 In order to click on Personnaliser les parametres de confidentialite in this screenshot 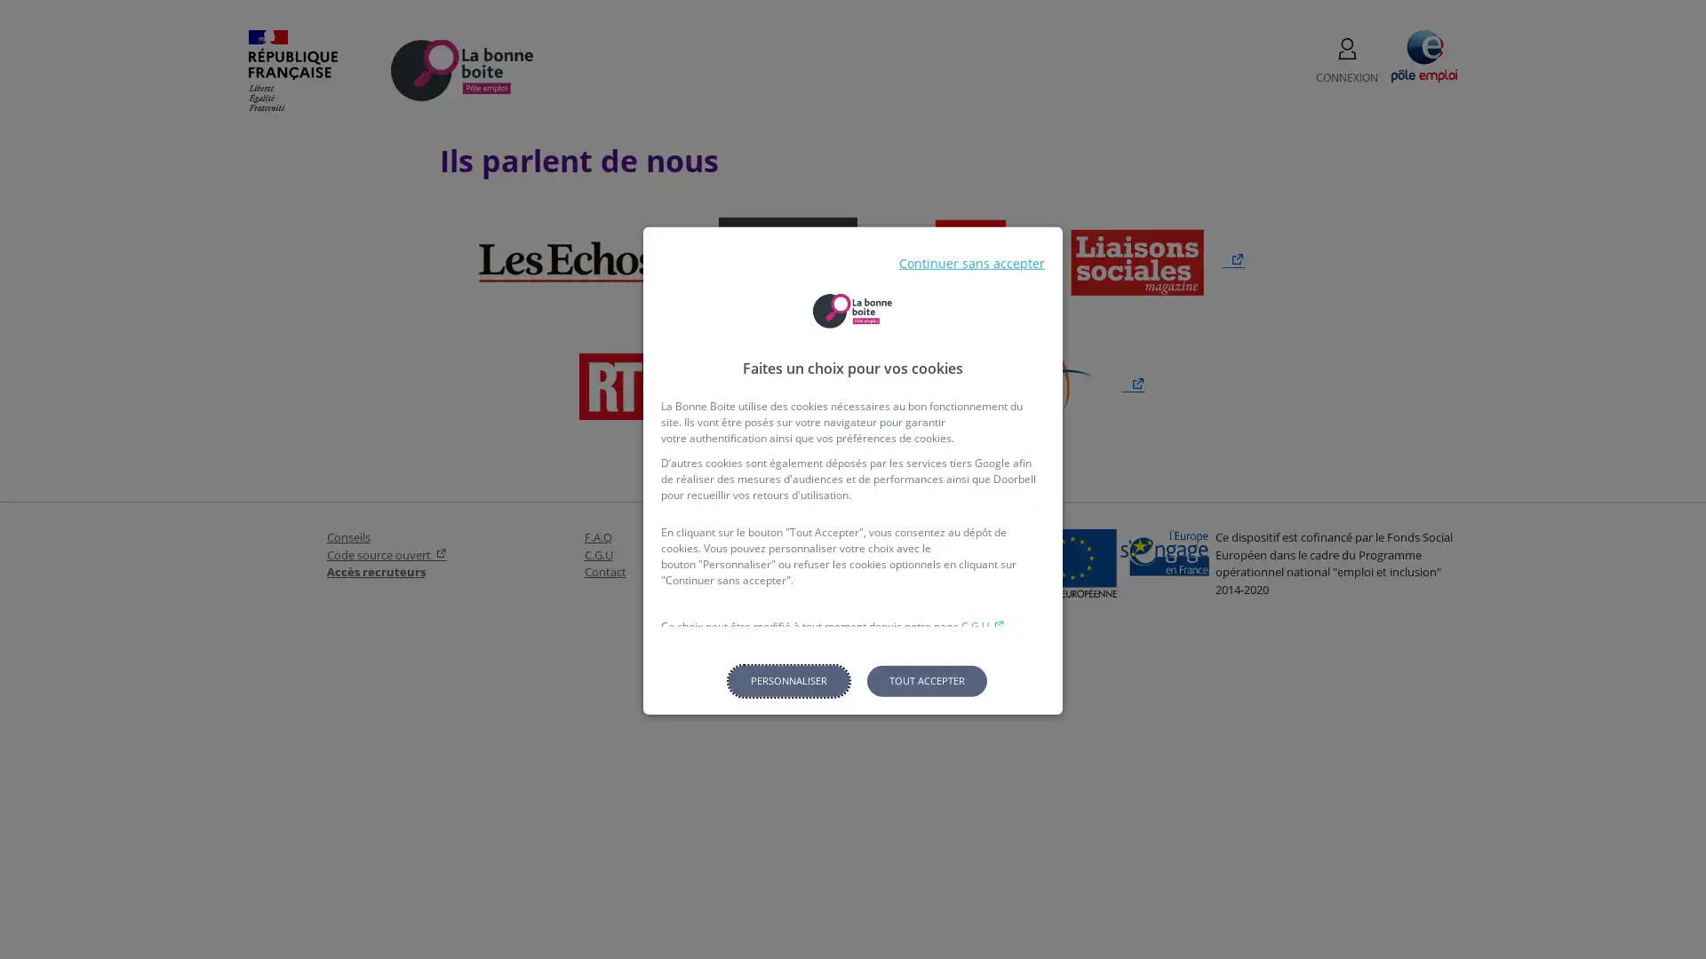, I will do `click(787, 679)`.